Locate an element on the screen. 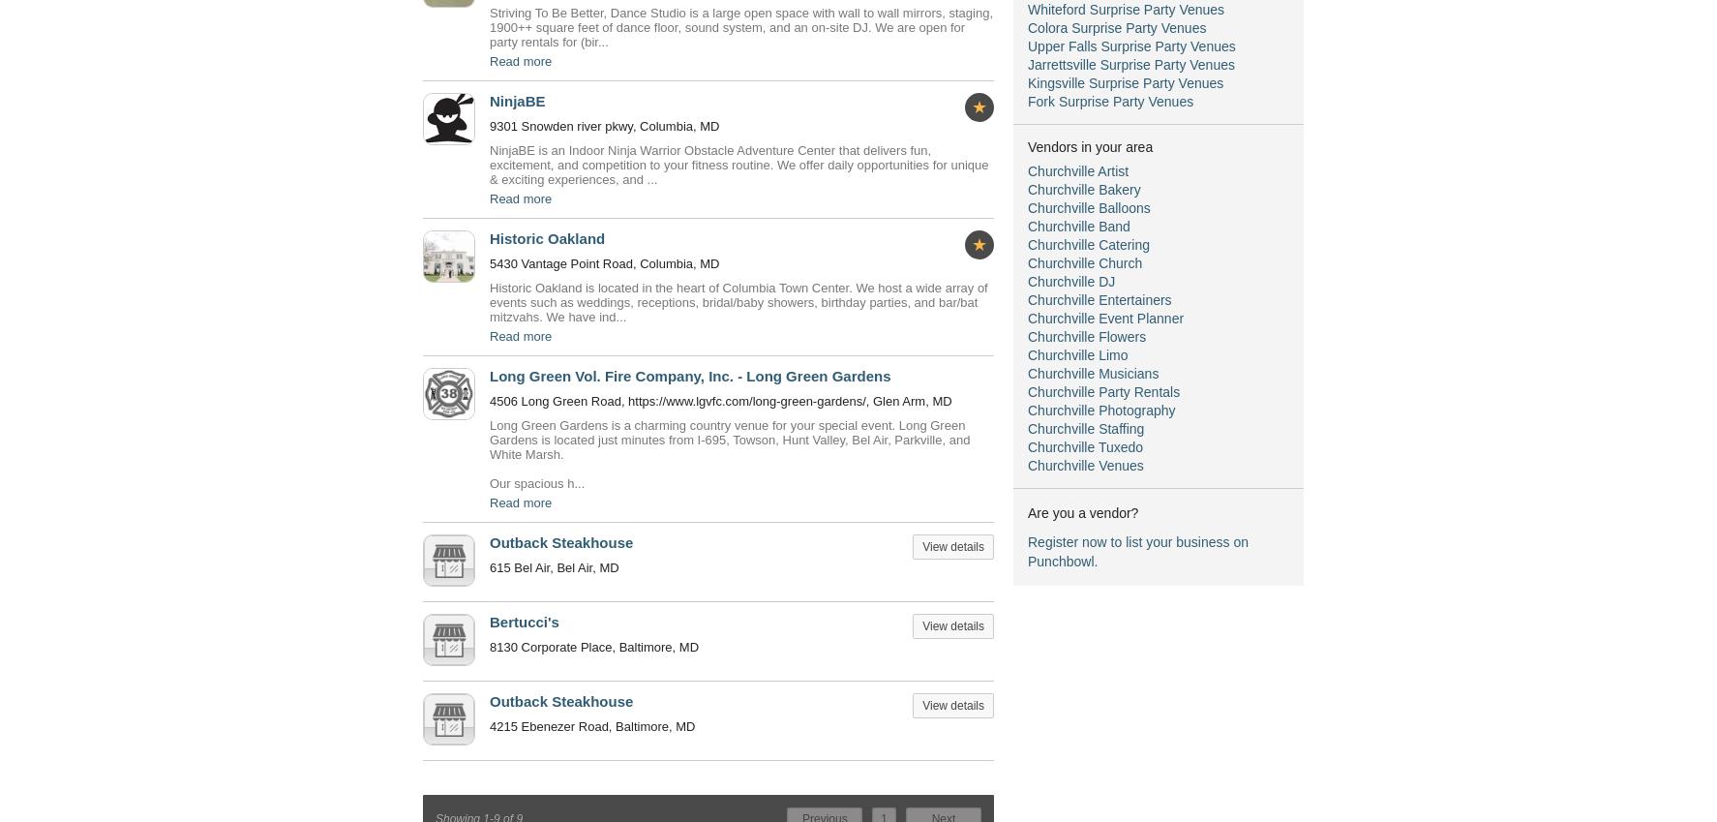 This screenshot has height=822, width=1717. 'Long Green Vol. Fire Company, Inc. - Long Green Gardens' is located at coordinates (688, 375).